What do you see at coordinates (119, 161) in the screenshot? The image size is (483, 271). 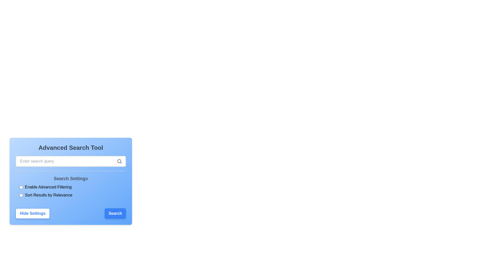 I see `the decorative lens icon of the search functionality, which is located at the leftmost part of the search icon` at bounding box center [119, 161].